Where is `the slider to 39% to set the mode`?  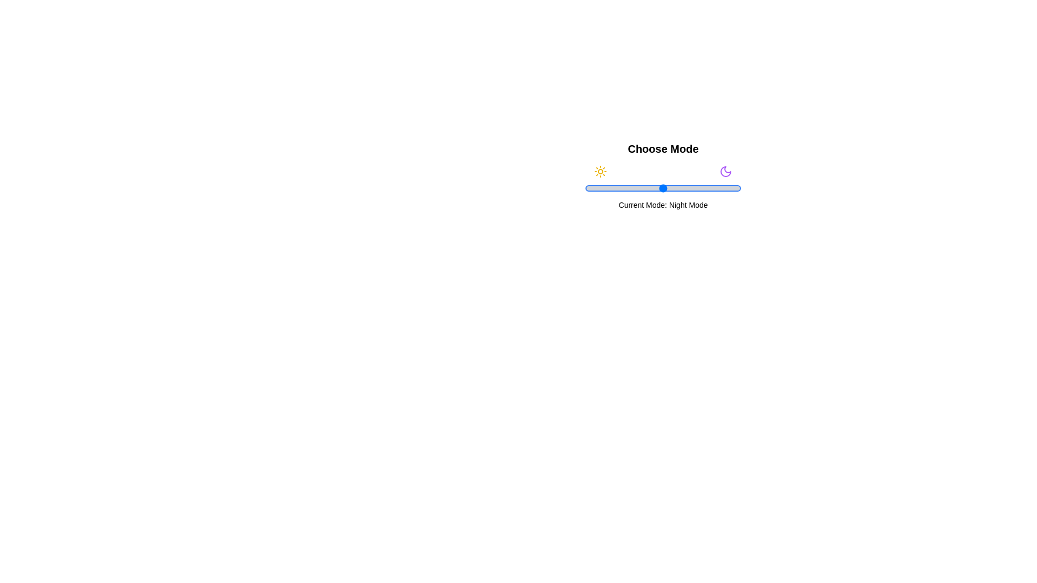
the slider to 39% to set the mode is located at coordinates (646, 187).